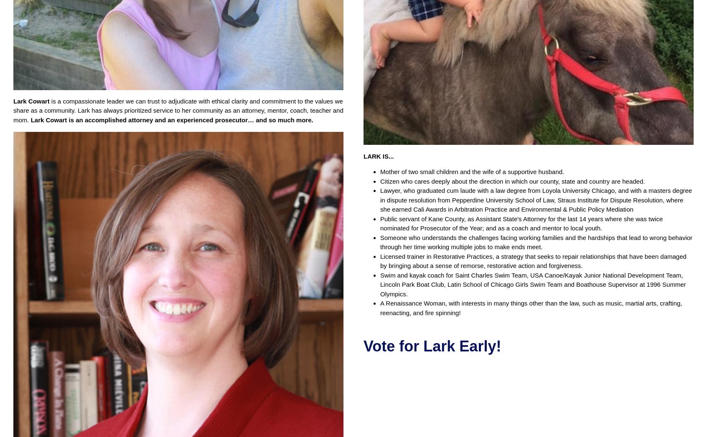 The width and height of the screenshot is (707, 437). I want to click on 'Swim and kayak coach for Saint Charles Swim Team, USA Canoe/Kayak Junior National Development Team, Lincoln Park Boat Club, Latin School of Chicago Girls Swim Team and Boathouse Supervisor at 1996 Summer Olympics.', so click(532, 283).